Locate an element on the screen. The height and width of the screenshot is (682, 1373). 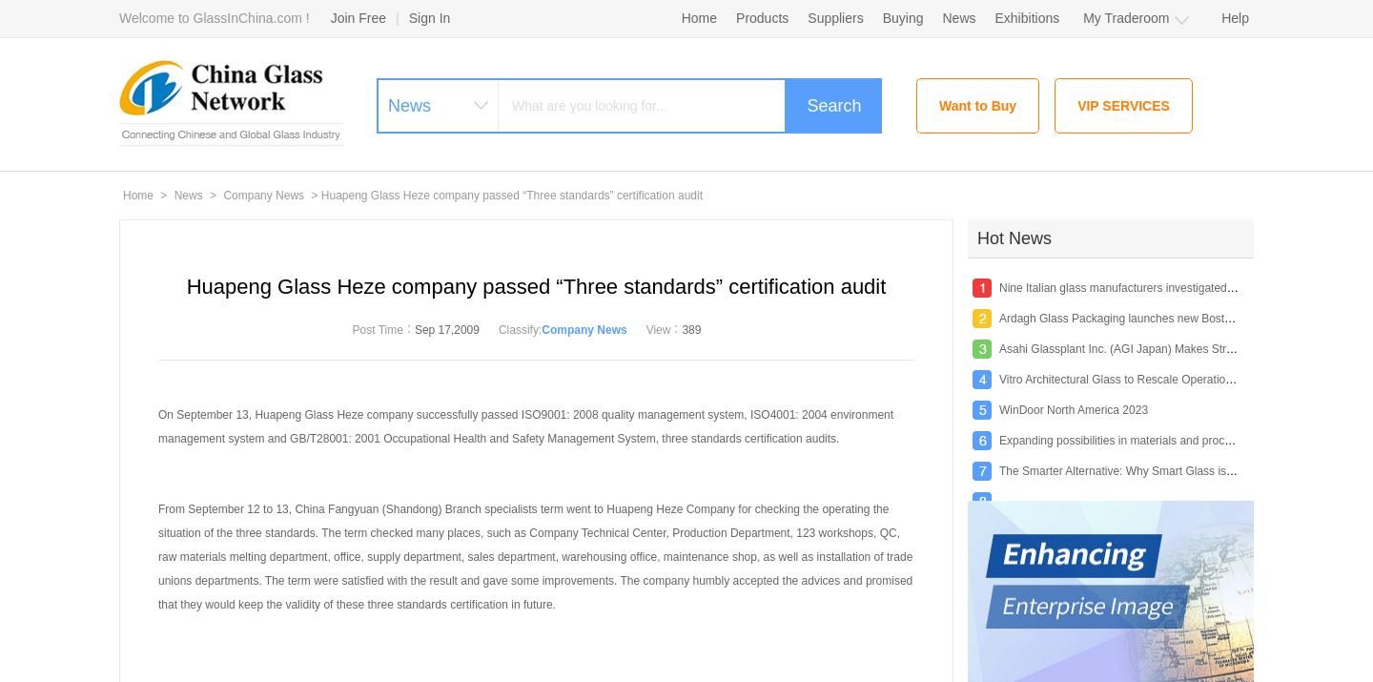
'My Traderoom' is located at coordinates (1125, 18).